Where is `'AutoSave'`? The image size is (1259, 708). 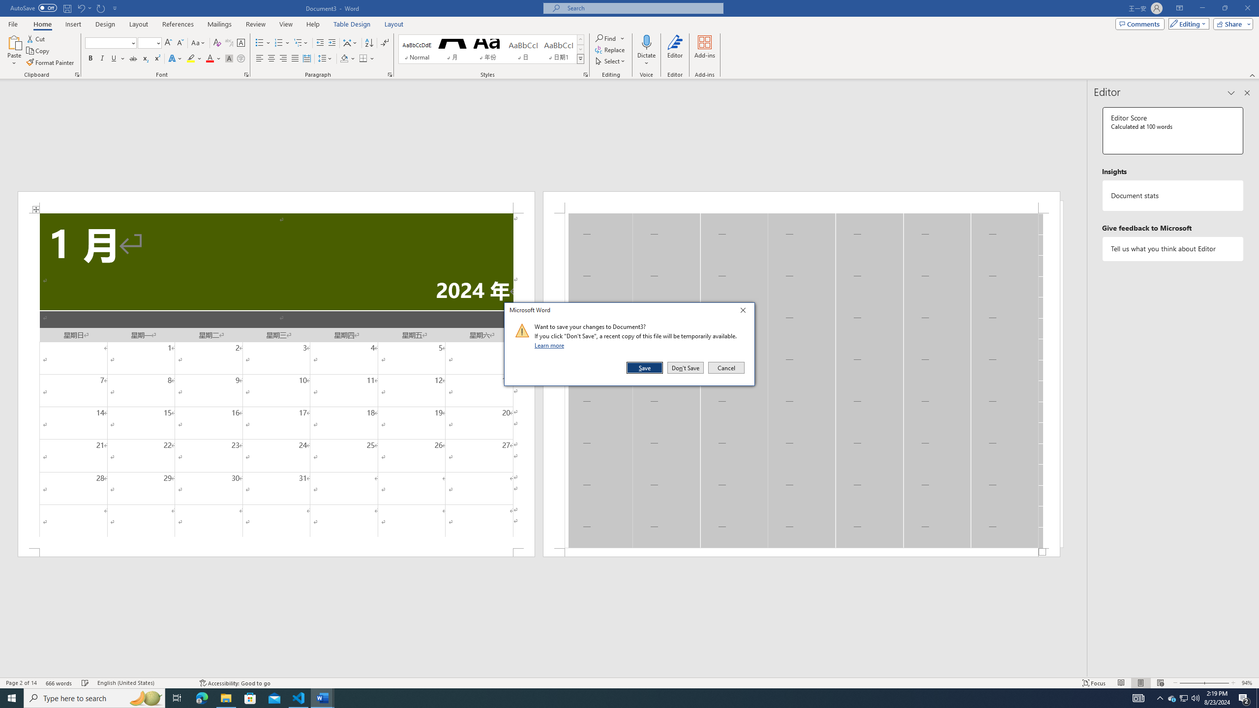
'AutoSave' is located at coordinates (34, 7).